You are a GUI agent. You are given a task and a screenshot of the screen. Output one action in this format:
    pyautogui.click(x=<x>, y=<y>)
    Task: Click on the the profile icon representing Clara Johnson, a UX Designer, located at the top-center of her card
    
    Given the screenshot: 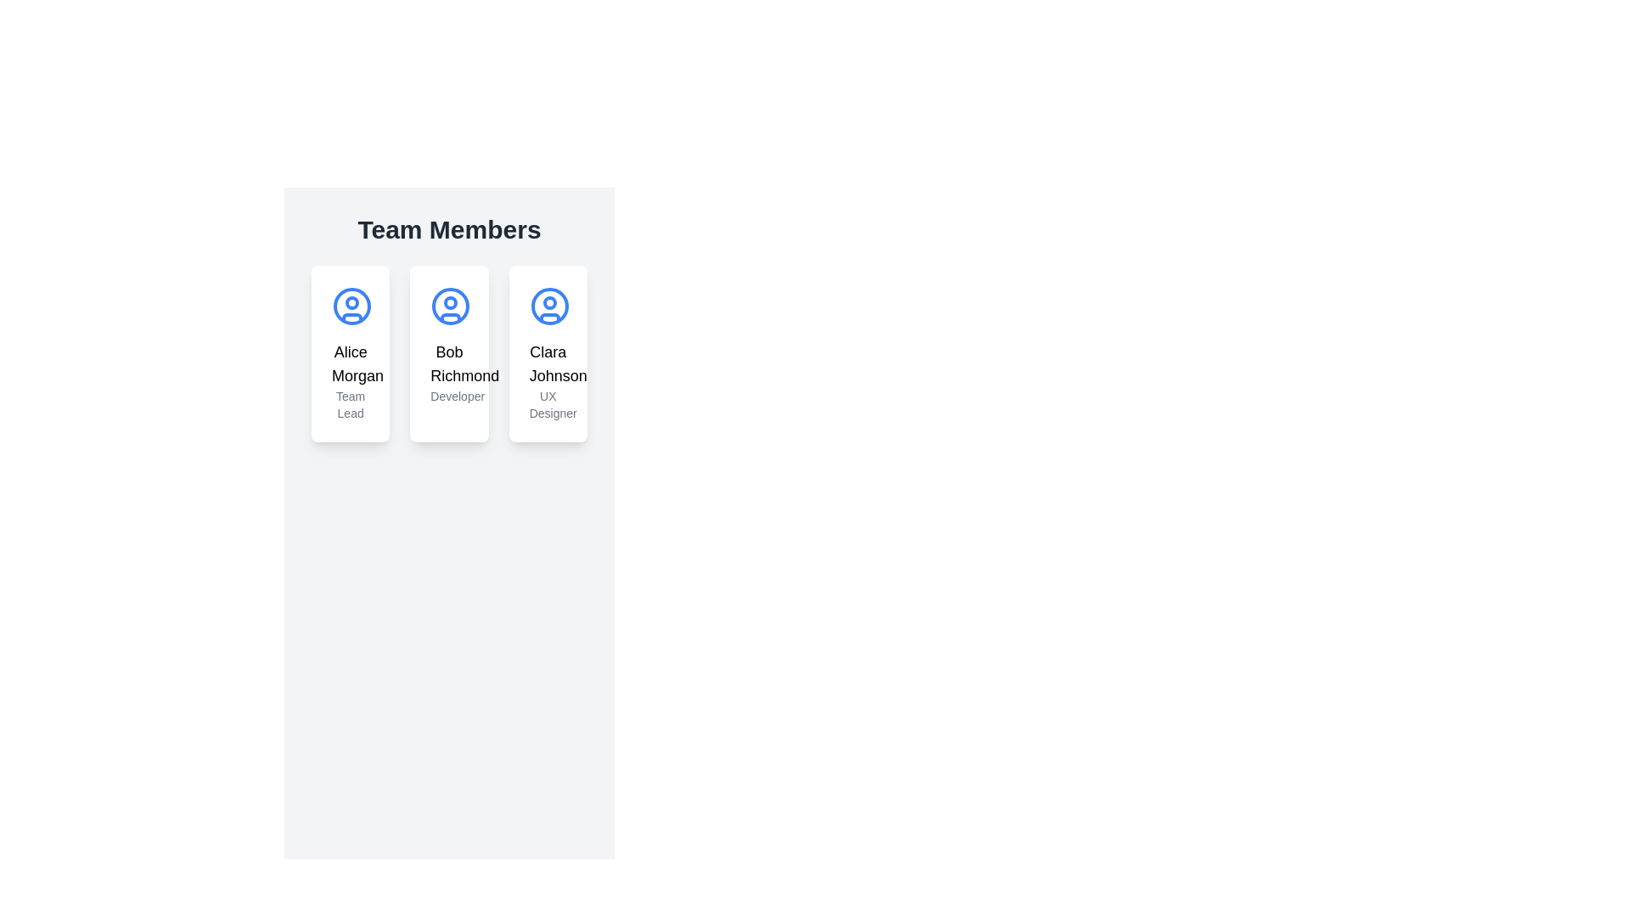 What is the action you would take?
    pyautogui.click(x=549, y=307)
    